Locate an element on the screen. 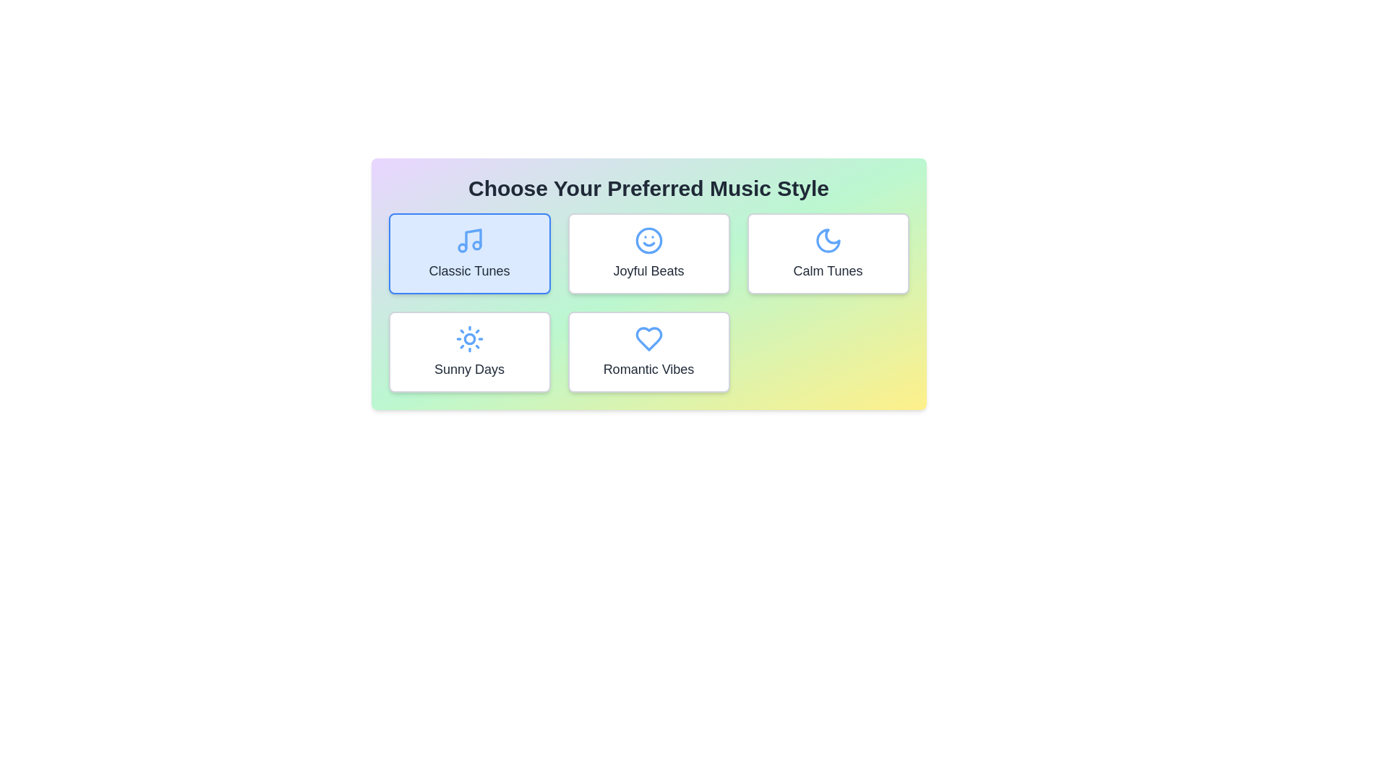 The width and height of the screenshot is (1388, 781). the decorative icon representing the 'Romantic Vibes' card, located at the top of the card above the text 'Romantic Vibes' is located at coordinates (648, 339).